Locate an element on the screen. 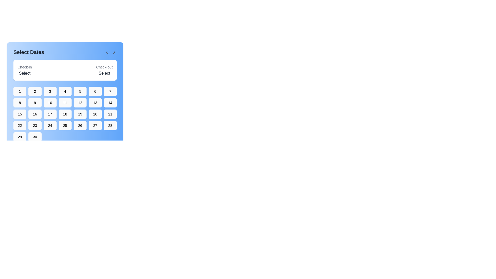 This screenshot has width=496, height=279. the rounded rectangular button with the number '6' centered inside is located at coordinates (95, 91).